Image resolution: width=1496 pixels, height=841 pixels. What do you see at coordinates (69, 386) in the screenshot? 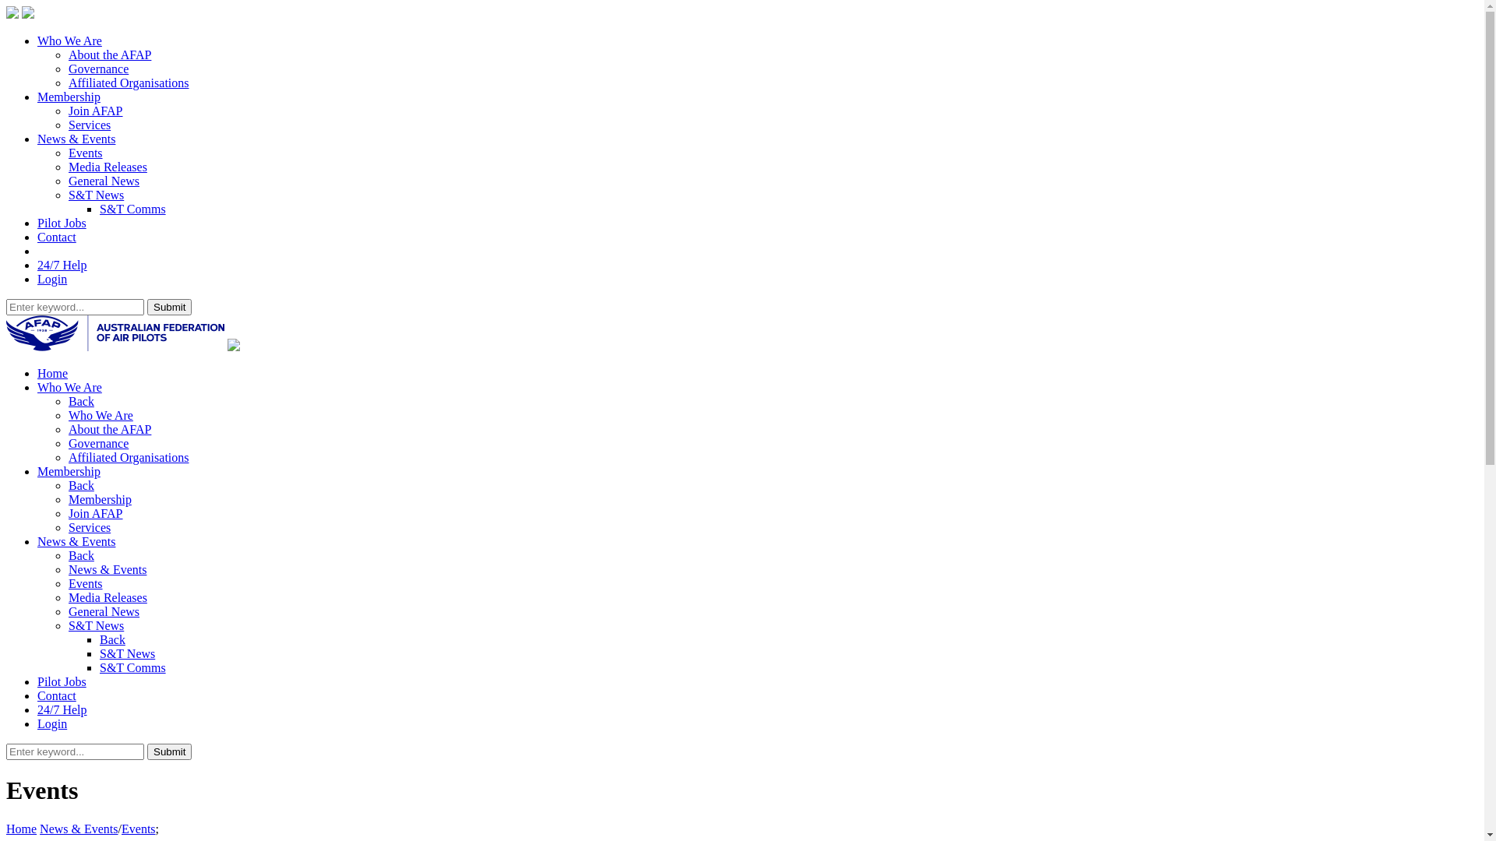
I see `'Who We Are'` at bounding box center [69, 386].